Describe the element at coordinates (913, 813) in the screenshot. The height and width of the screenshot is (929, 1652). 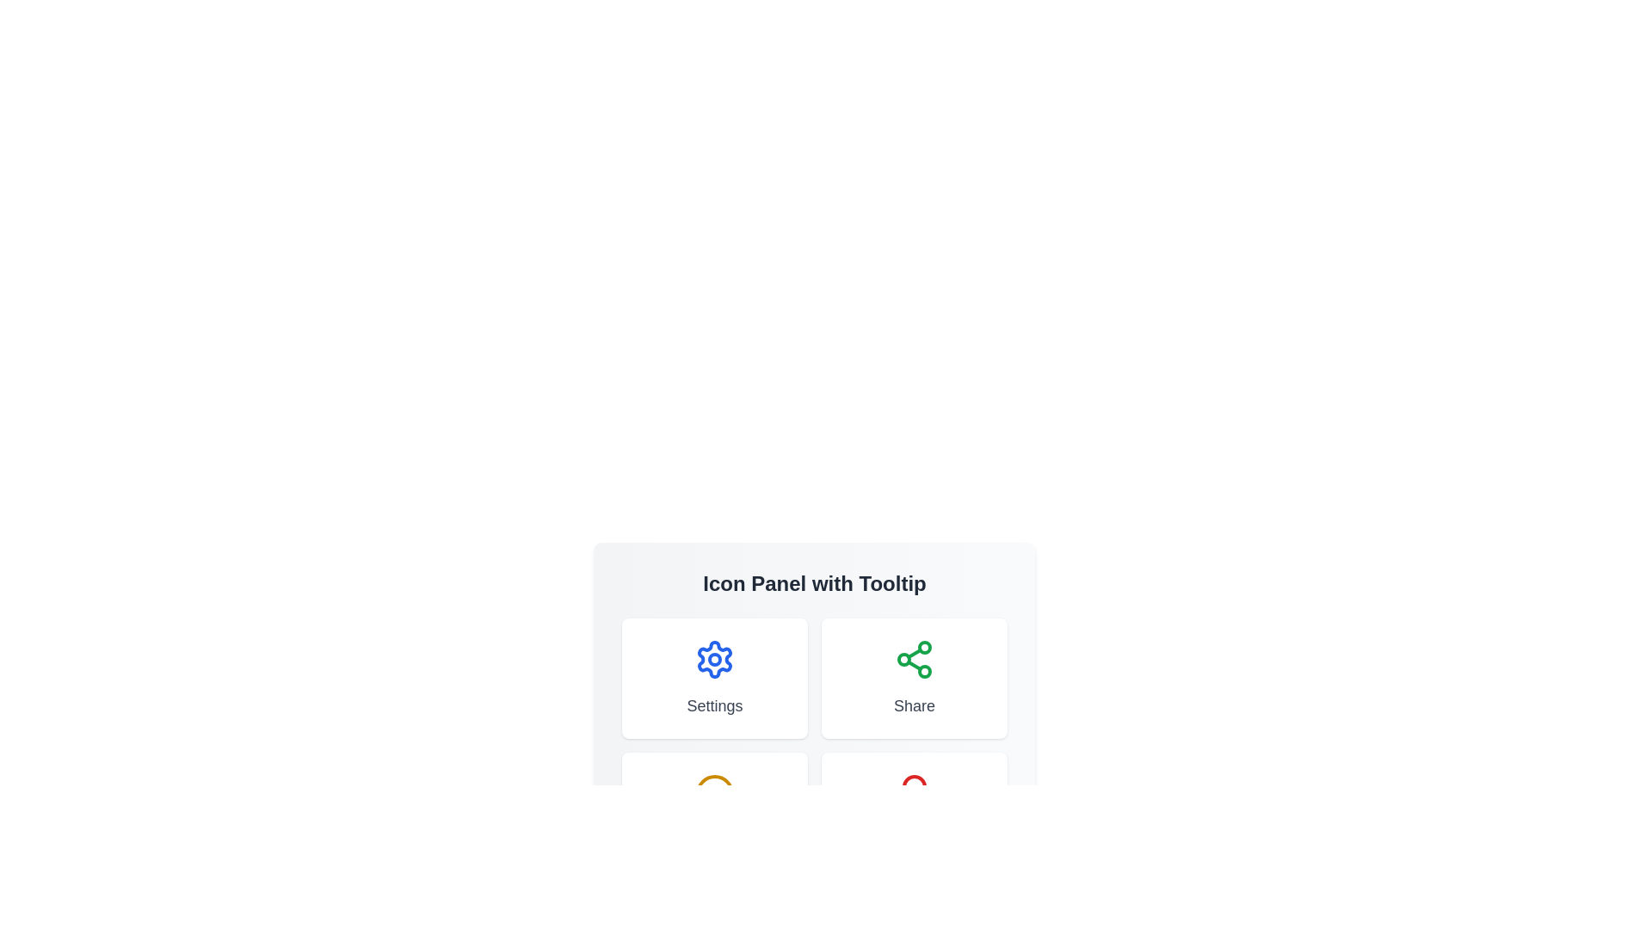
I see `the interactive card representing the notification section located in the bottom-right of the grid` at that location.